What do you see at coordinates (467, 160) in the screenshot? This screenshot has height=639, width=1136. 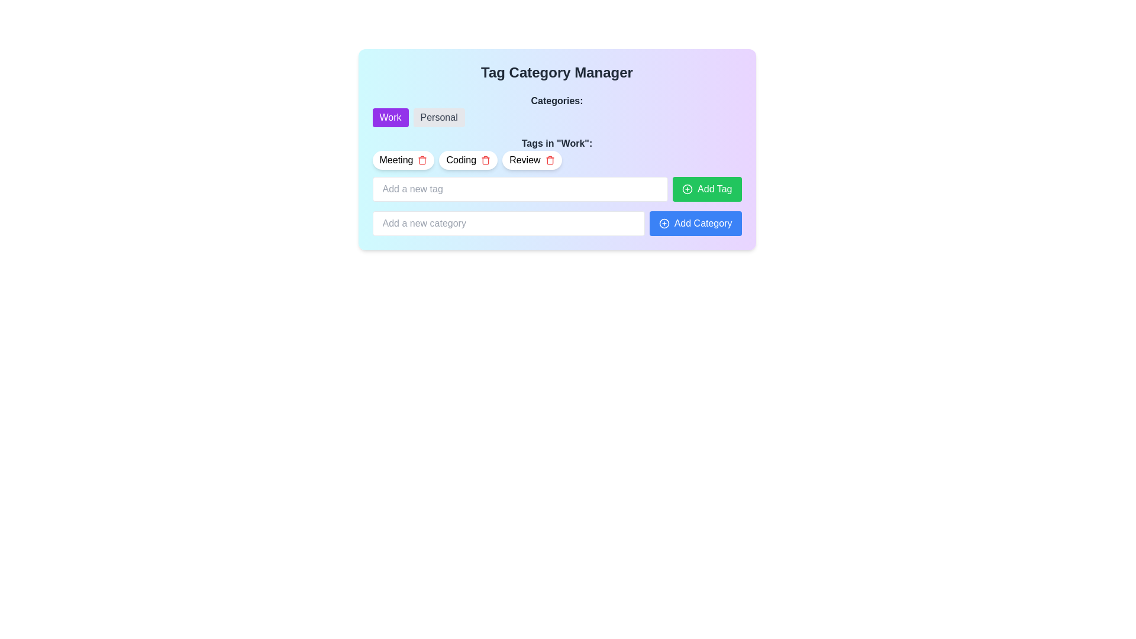 I see `the horizontally-aligned pill-shaped chip labeled 'Coding' in the 'Tags in Work' section, located between the 'Meeting' and 'Review' tags` at bounding box center [467, 160].